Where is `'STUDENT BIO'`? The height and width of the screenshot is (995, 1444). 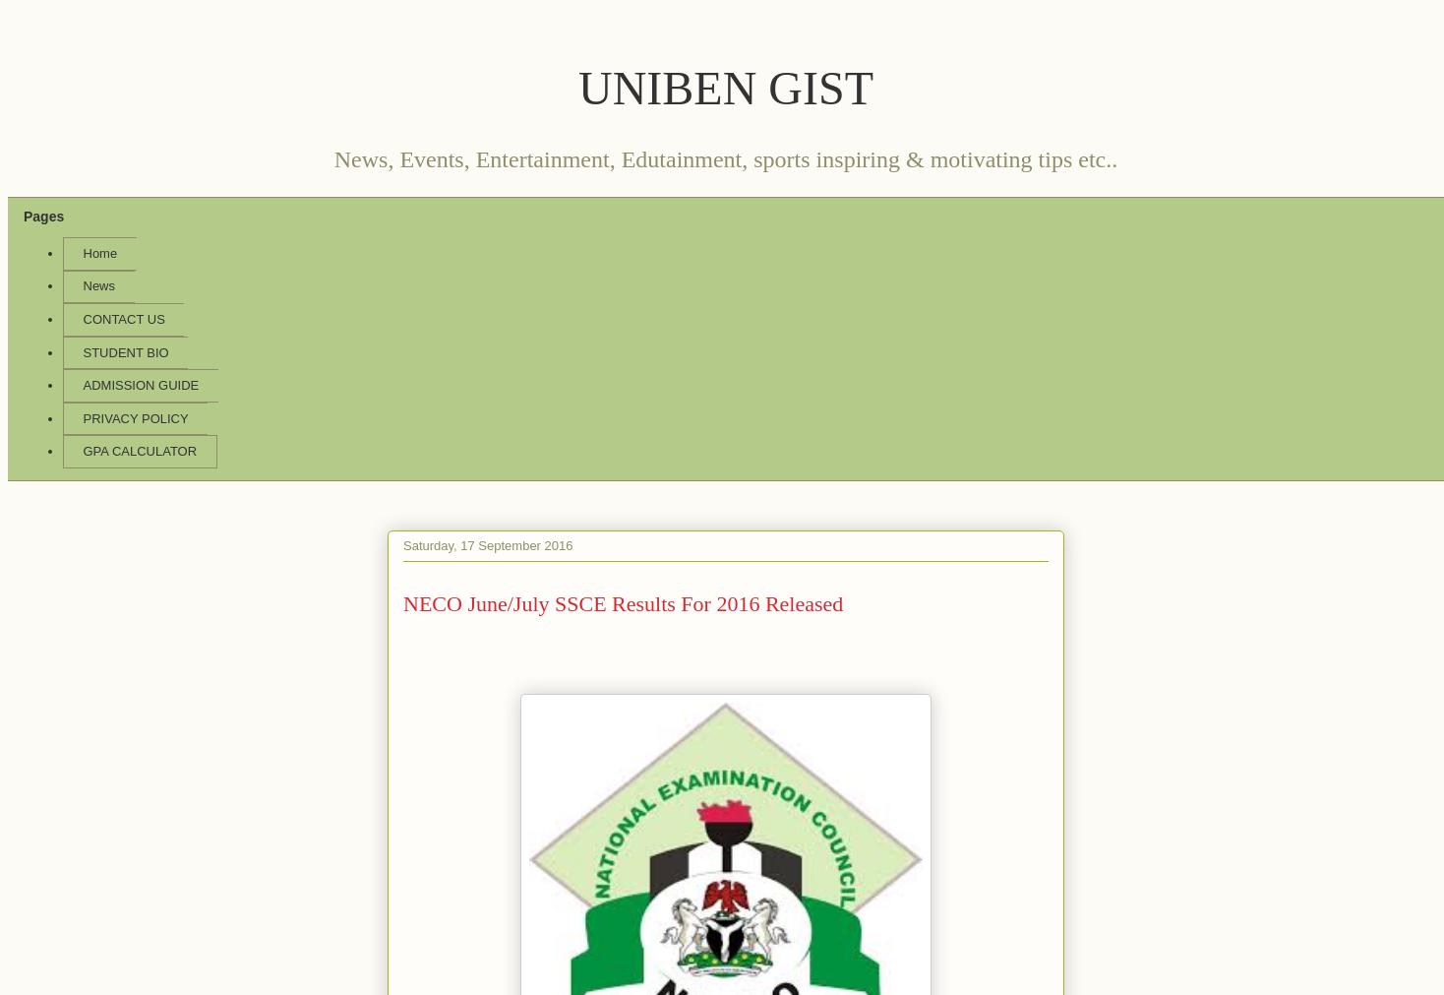 'STUDENT BIO' is located at coordinates (82, 350).